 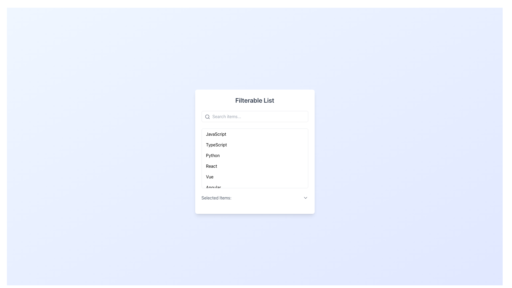 I want to click on the 'Angular' text label using keyboard navigation, so click(x=213, y=187).